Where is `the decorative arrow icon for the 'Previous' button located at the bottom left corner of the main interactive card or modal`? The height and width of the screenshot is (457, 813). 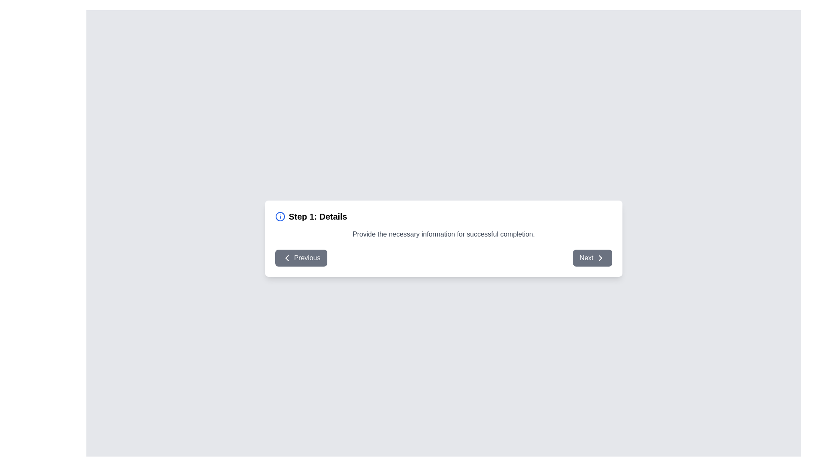
the decorative arrow icon for the 'Previous' button located at the bottom left corner of the main interactive card or modal is located at coordinates (287, 257).